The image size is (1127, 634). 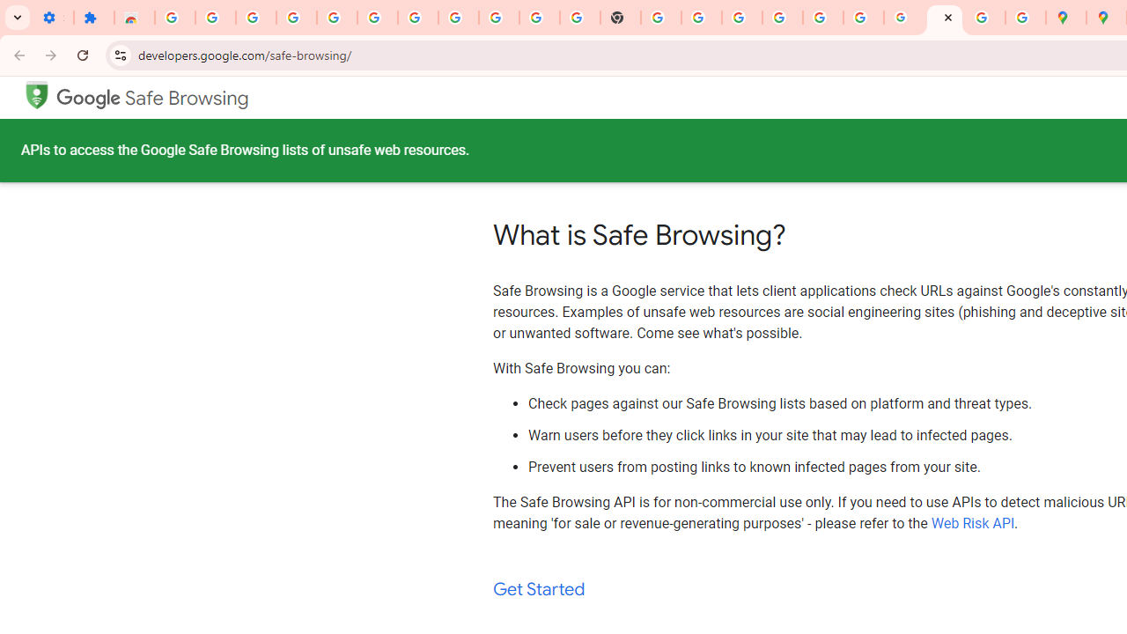 What do you see at coordinates (152, 98) in the screenshot?
I see `'Google Safe Browsing'` at bounding box center [152, 98].